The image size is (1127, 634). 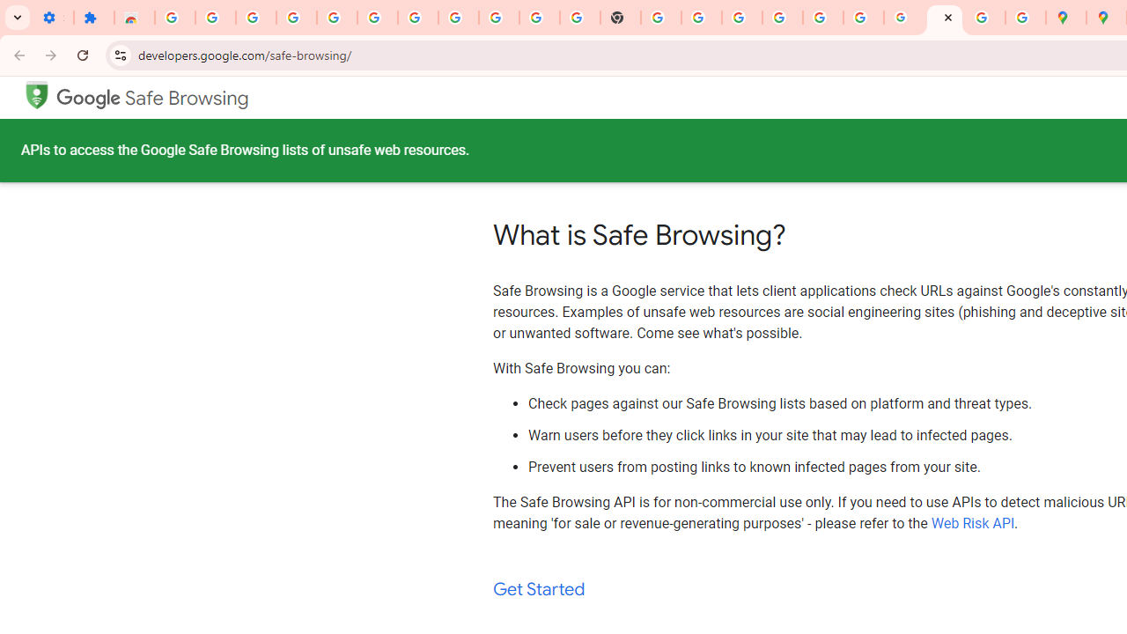 What do you see at coordinates (152, 98) in the screenshot?
I see `'Google Safe Browsing'` at bounding box center [152, 98].